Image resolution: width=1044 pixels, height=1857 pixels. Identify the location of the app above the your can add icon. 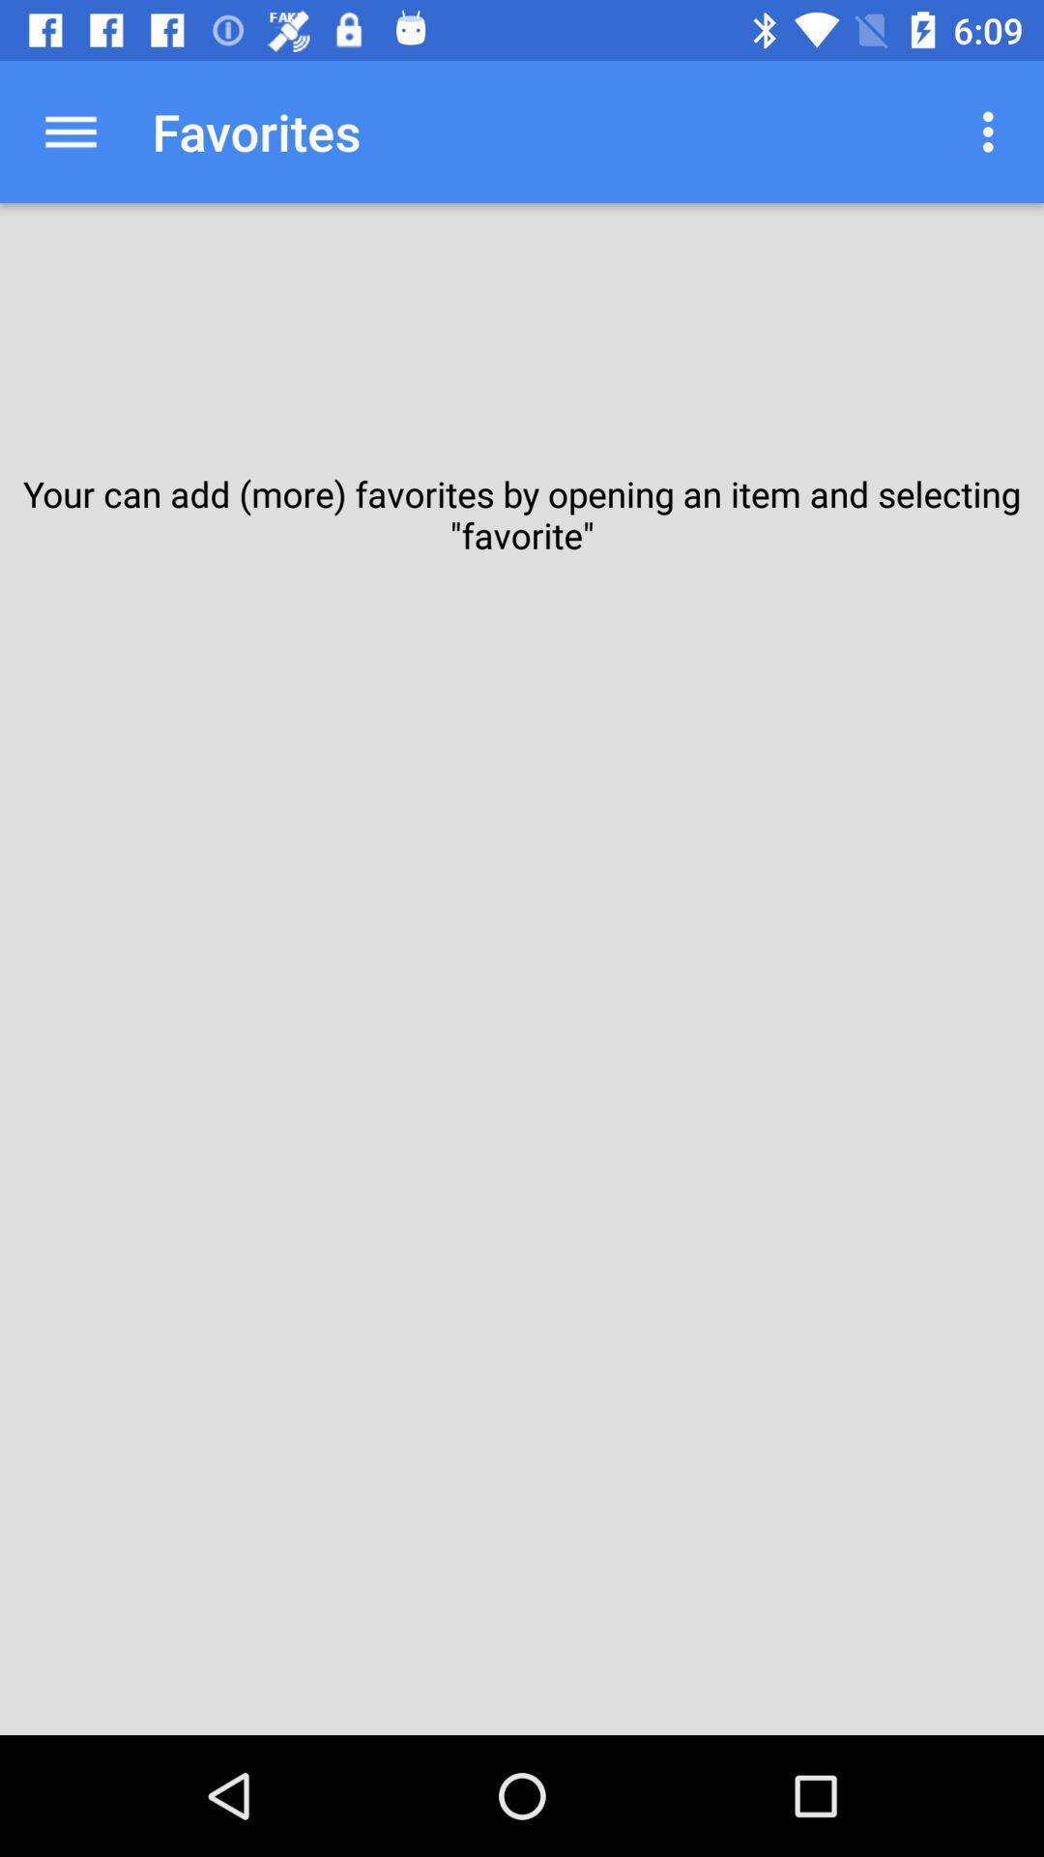
(993, 131).